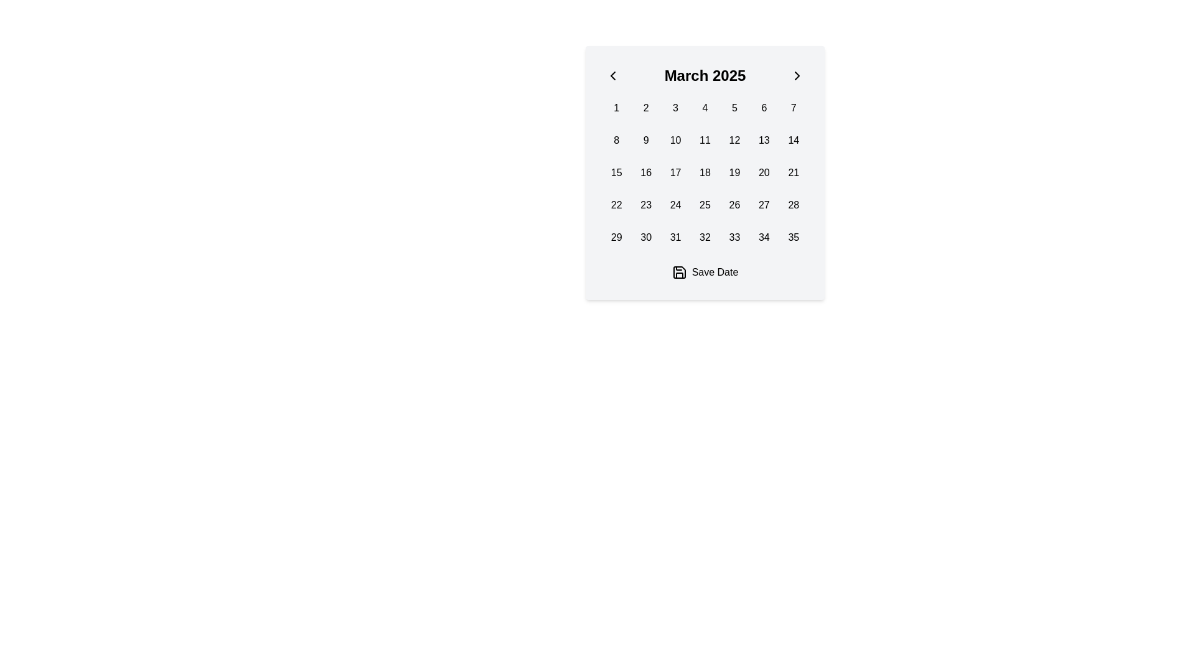 This screenshot has height=672, width=1195. Describe the element at coordinates (675, 140) in the screenshot. I see `the rectangular button displaying the digit '10' located in the numeric button grid under the 'March 2025' calendar widget` at that location.